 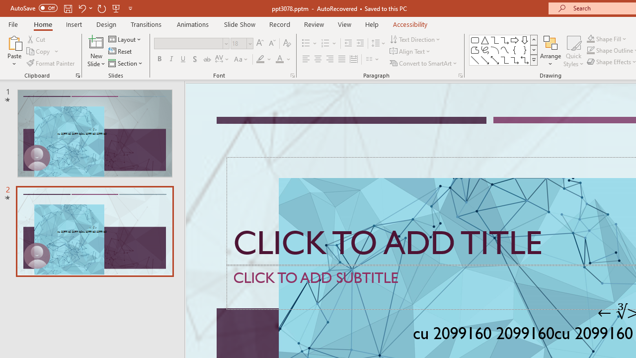 What do you see at coordinates (591, 38) in the screenshot?
I see `'Shape Fill Dark Green, Accent 2'` at bounding box center [591, 38].